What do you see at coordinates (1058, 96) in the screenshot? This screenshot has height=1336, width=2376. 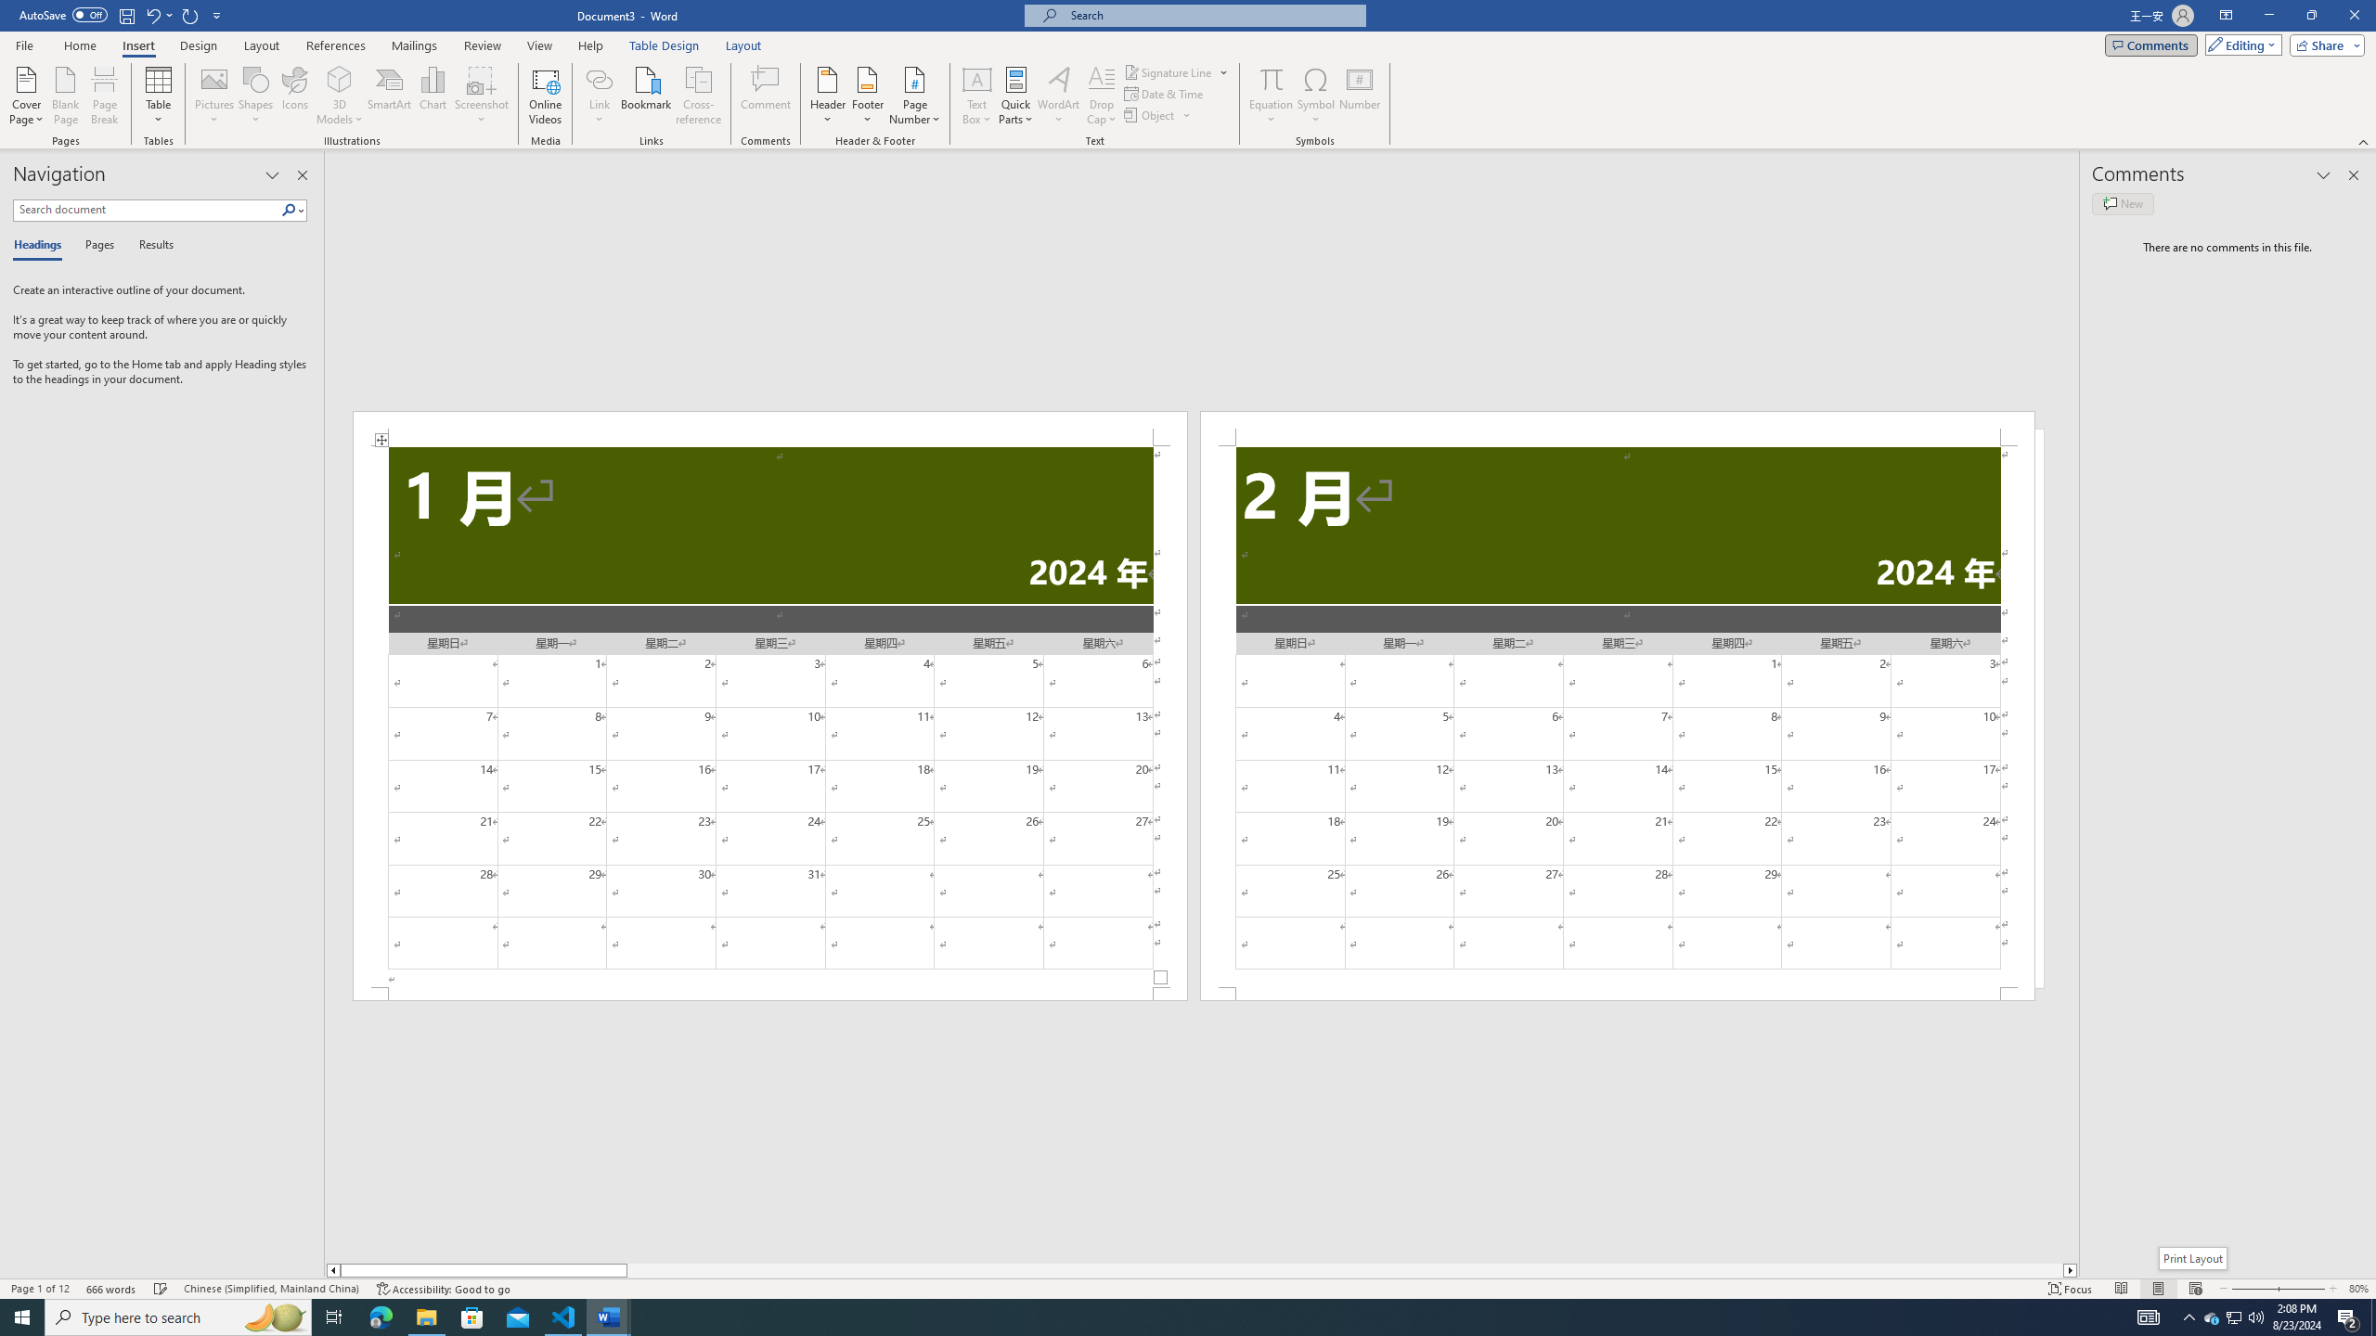 I see `'WordArt'` at bounding box center [1058, 96].